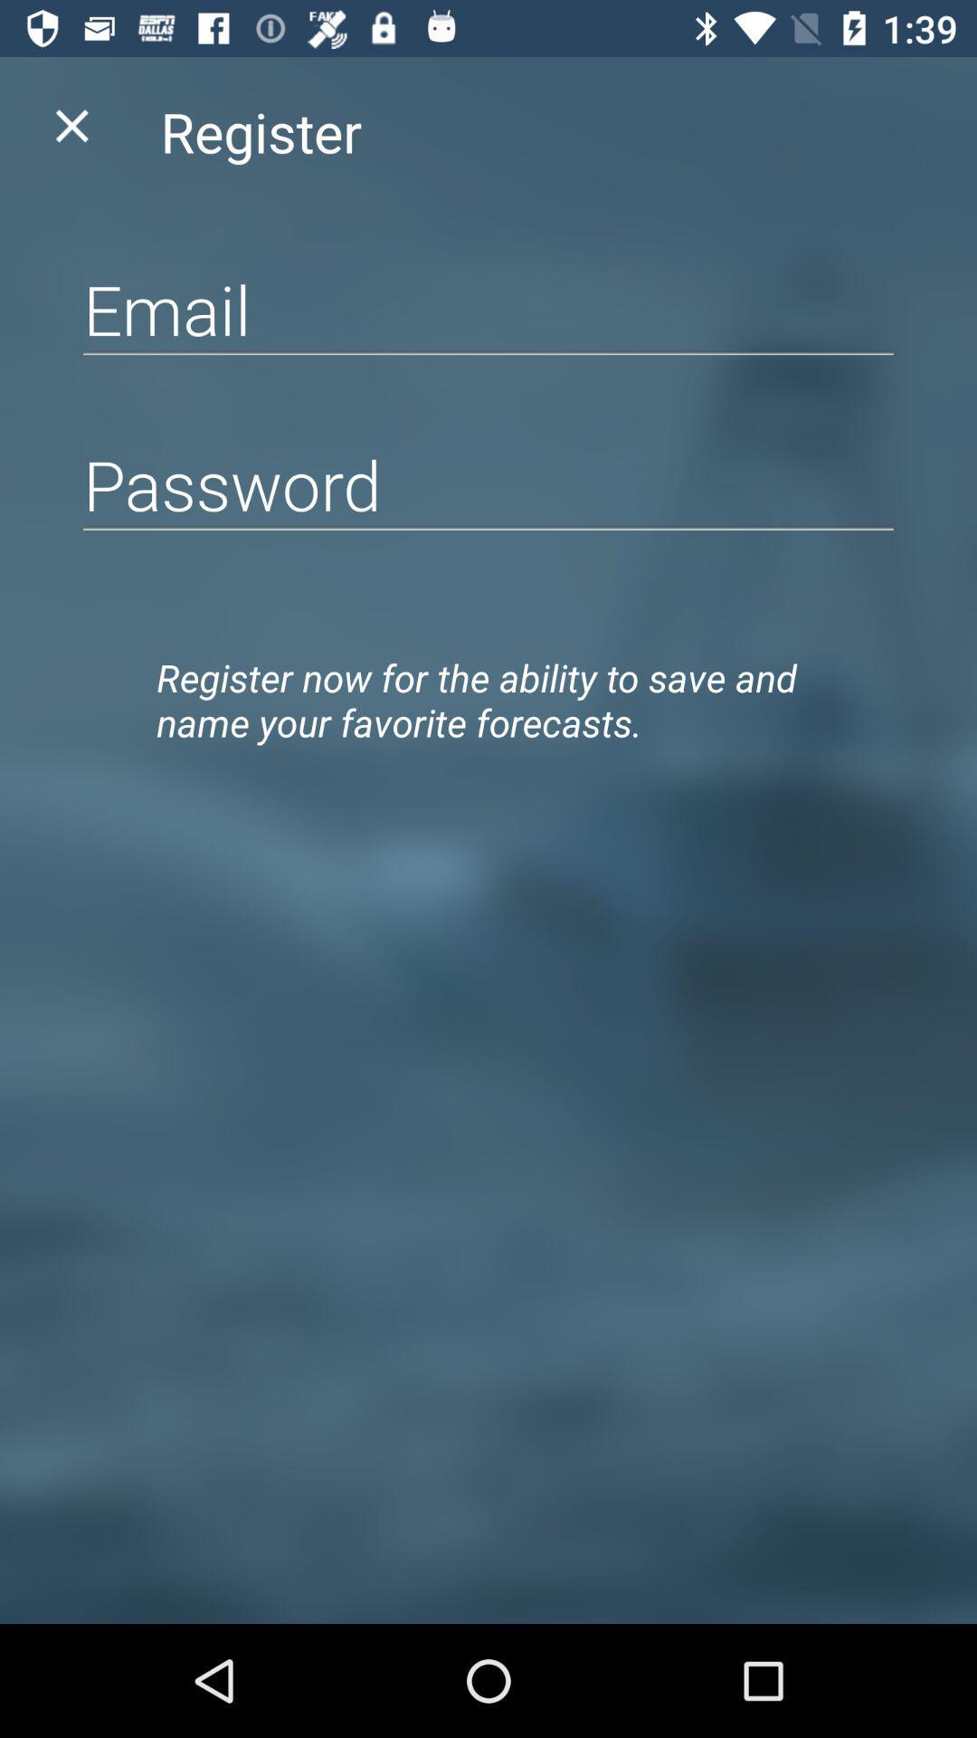 This screenshot has width=977, height=1738. I want to click on e-mail, so click(488, 309).